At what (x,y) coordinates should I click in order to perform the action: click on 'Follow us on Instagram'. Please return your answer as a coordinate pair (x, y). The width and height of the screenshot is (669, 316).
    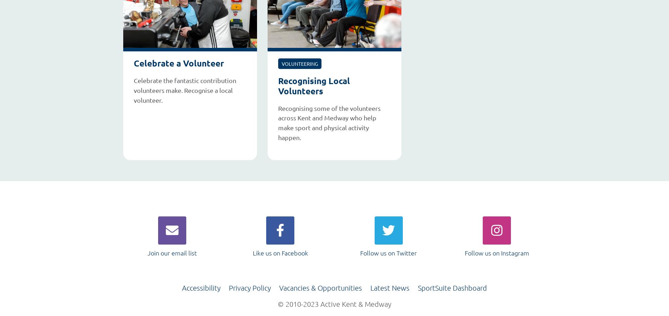
    Looking at the image, I should click on (464, 253).